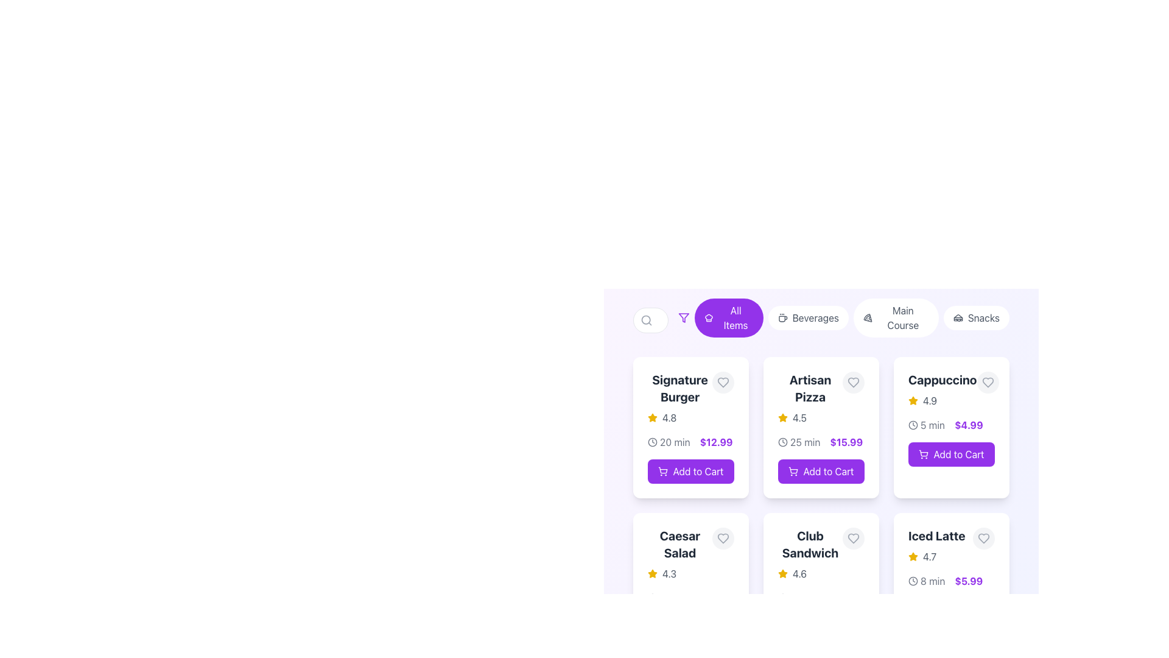 The image size is (1169, 658). Describe the element at coordinates (810, 388) in the screenshot. I see `the text label displaying 'Artisan Pizza' located at the top section of the second card in the top row of items` at that location.